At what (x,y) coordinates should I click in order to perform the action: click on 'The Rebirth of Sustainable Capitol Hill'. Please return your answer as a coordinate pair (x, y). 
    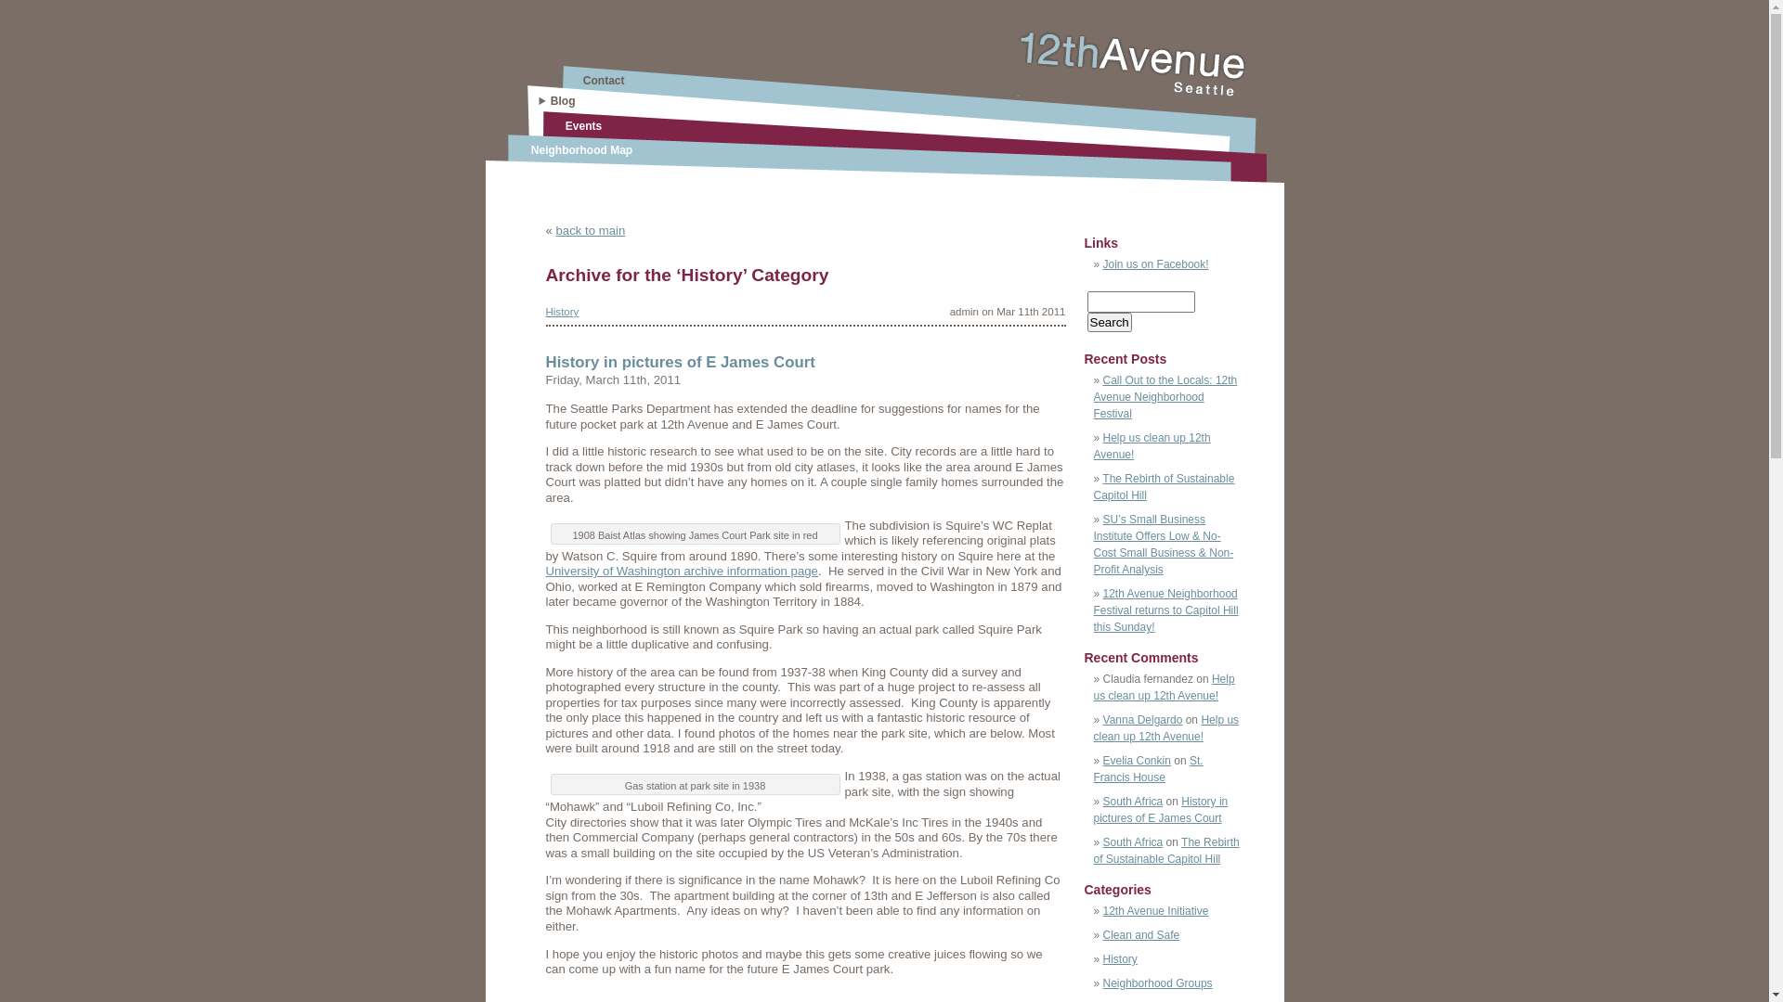
    Looking at the image, I should click on (1093, 485).